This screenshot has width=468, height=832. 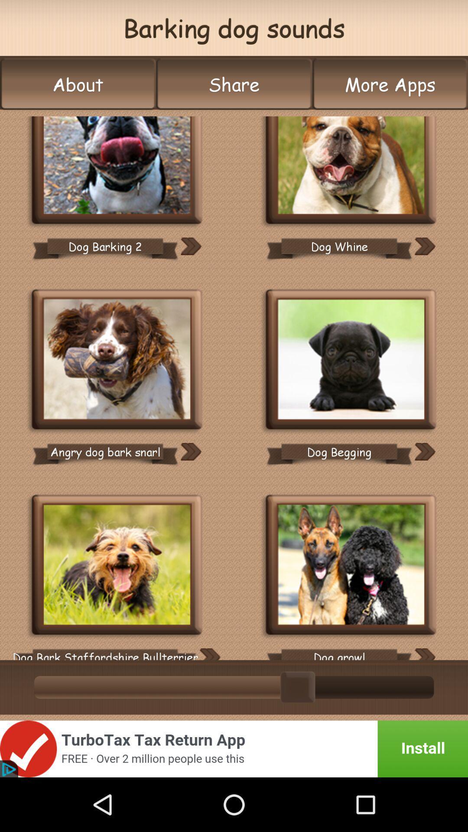 I want to click on dog, so click(x=117, y=566).